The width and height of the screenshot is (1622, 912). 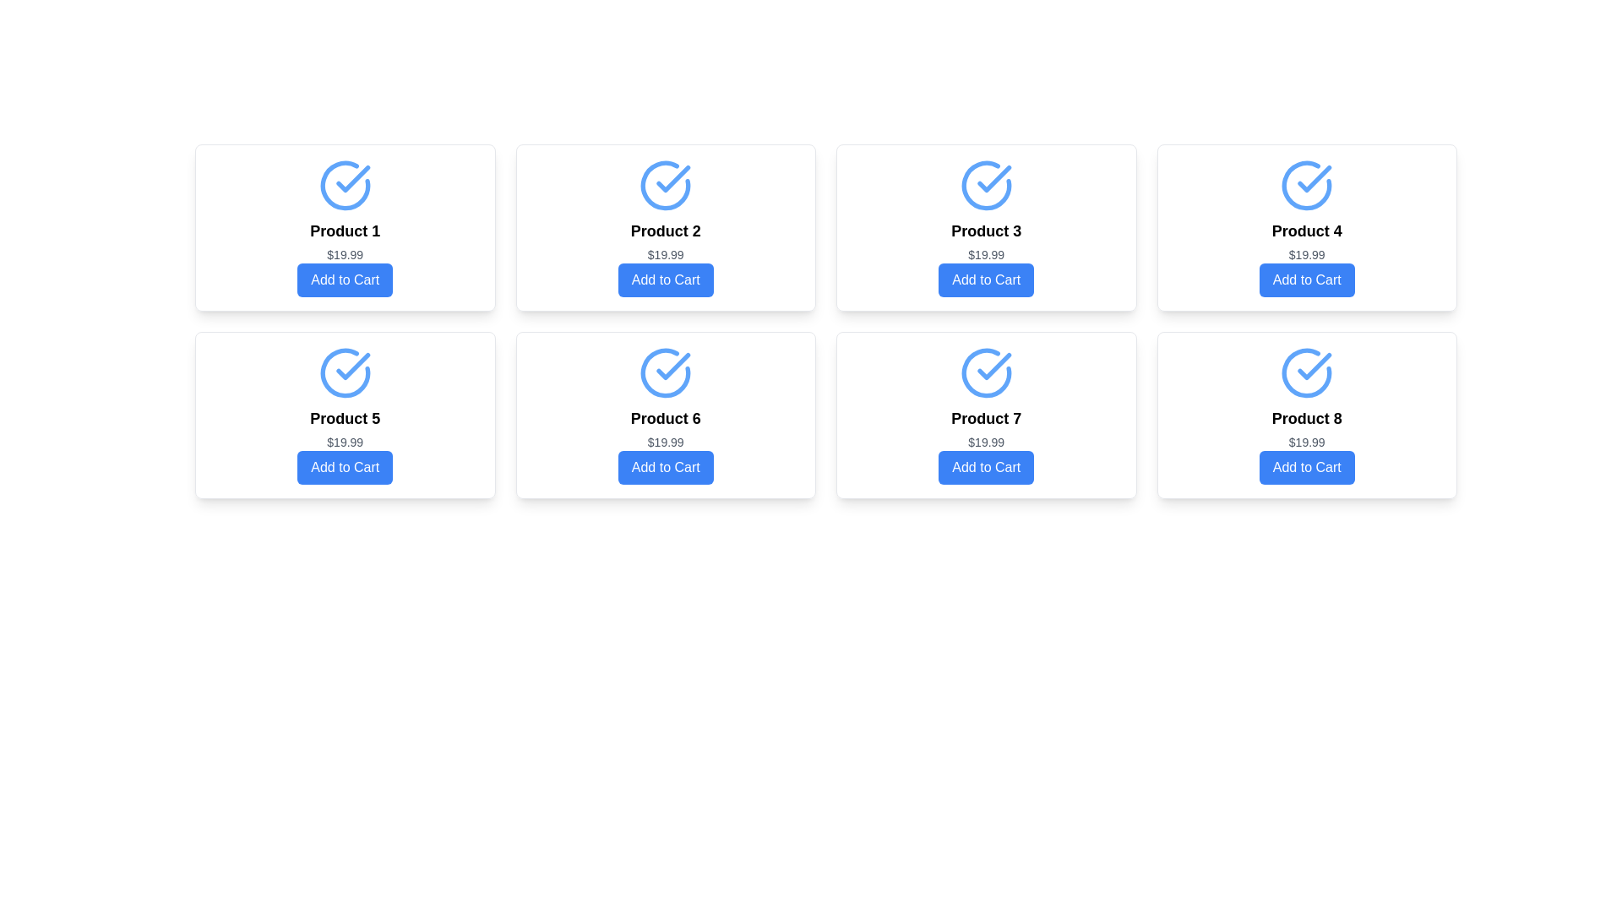 What do you see at coordinates (1306, 279) in the screenshot?
I see `the 'Add to Cart' button for 'Product 4' to change its color` at bounding box center [1306, 279].